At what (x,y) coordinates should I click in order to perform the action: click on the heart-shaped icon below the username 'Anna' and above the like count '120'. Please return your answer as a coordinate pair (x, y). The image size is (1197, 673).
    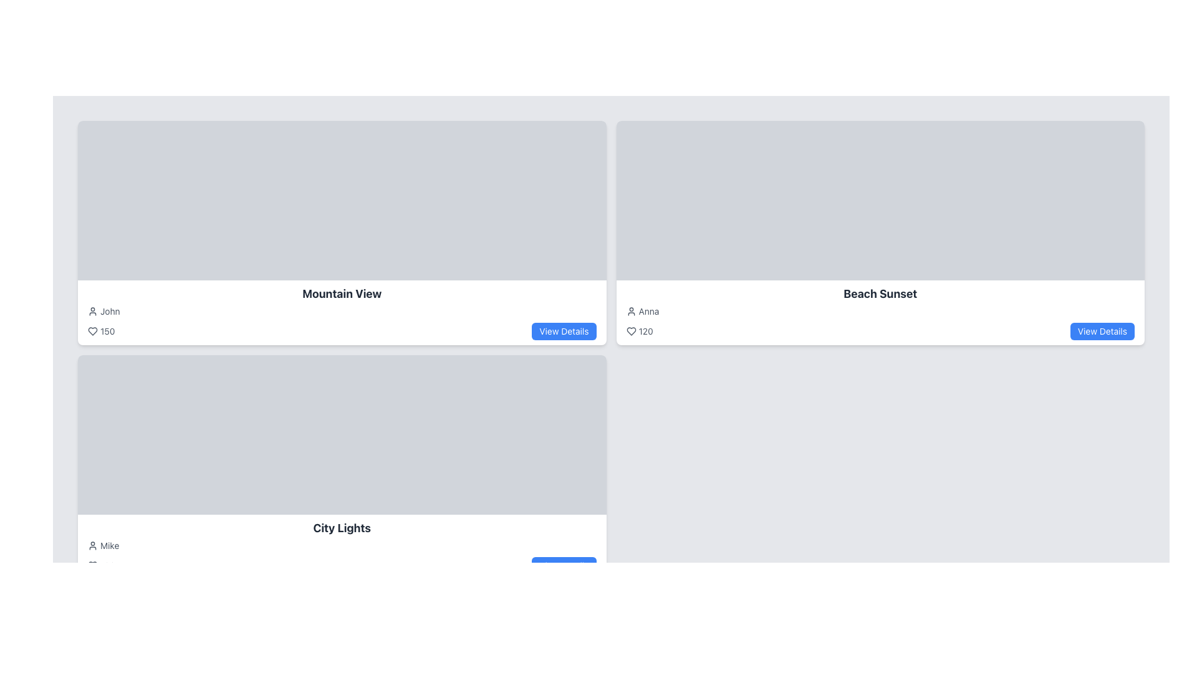
    Looking at the image, I should click on (631, 331).